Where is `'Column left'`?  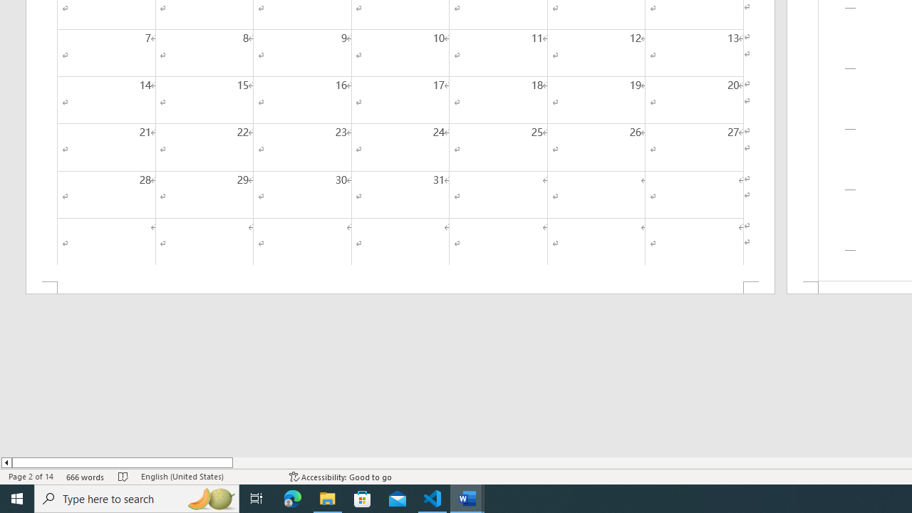 'Column left' is located at coordinates (6, 462).